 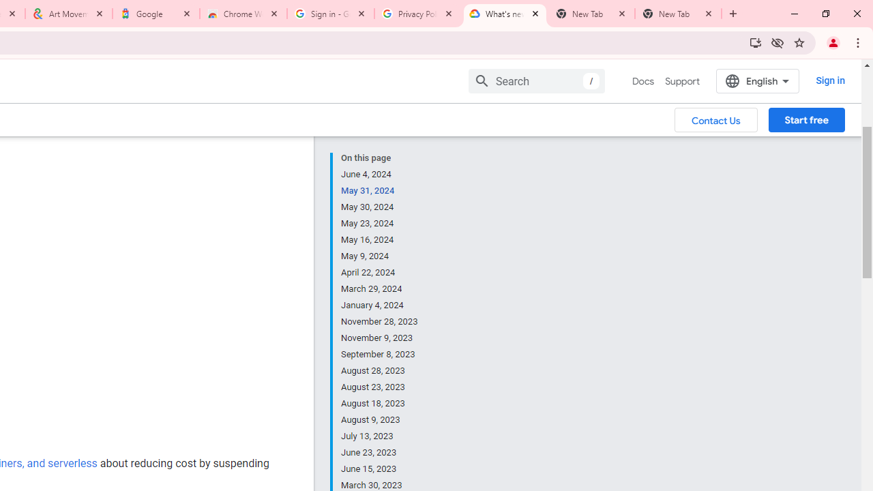 I want to click on 'Docs, selected', so click(x=642, y=81).